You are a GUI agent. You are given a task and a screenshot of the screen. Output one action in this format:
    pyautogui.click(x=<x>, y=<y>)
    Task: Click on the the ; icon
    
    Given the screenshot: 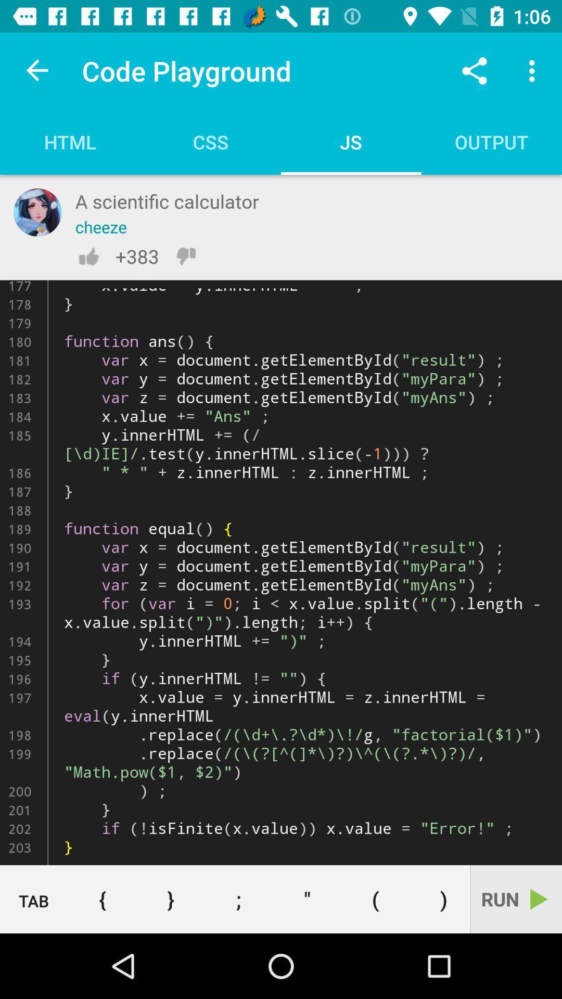 What is the action you would take?
    pyautogui.click(x=239, y=899)
    